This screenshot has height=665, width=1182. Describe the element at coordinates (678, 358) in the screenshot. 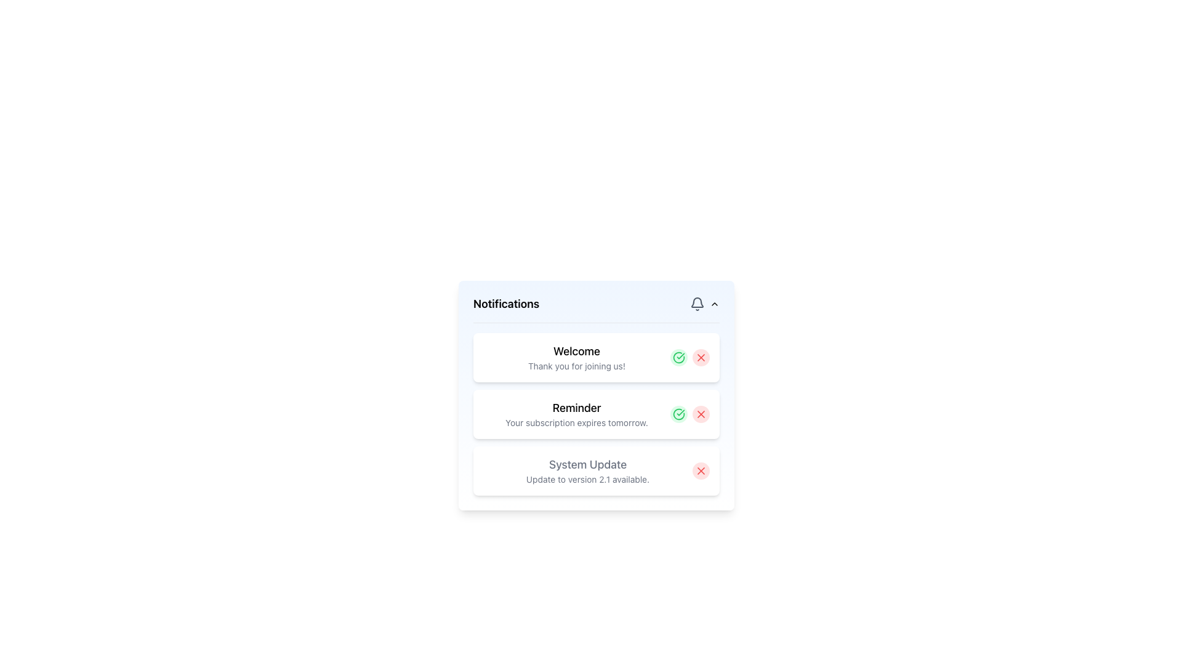

I see `the first icon button to the right of the 'Welcome' notification message to mark the notification as acknowledged` at that location.